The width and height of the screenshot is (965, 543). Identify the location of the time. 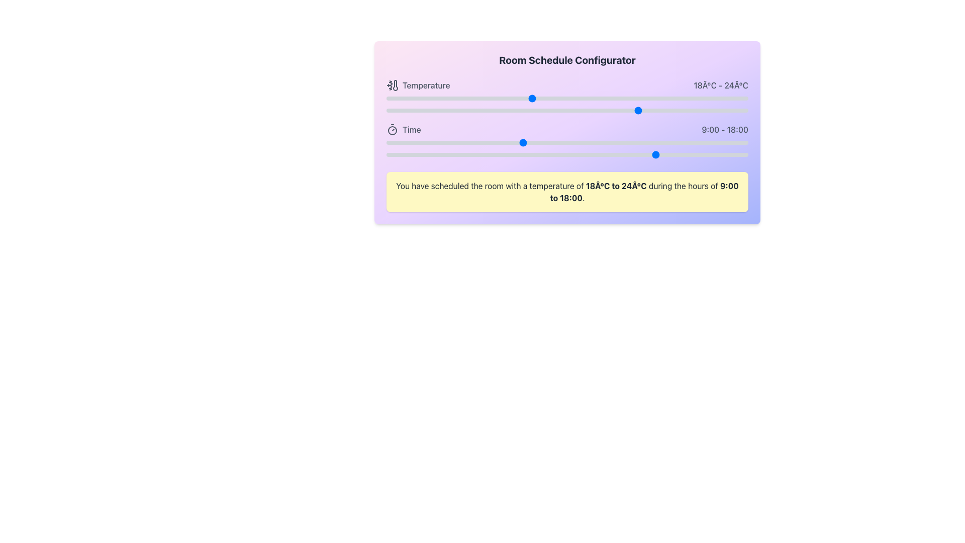
(642, 143).